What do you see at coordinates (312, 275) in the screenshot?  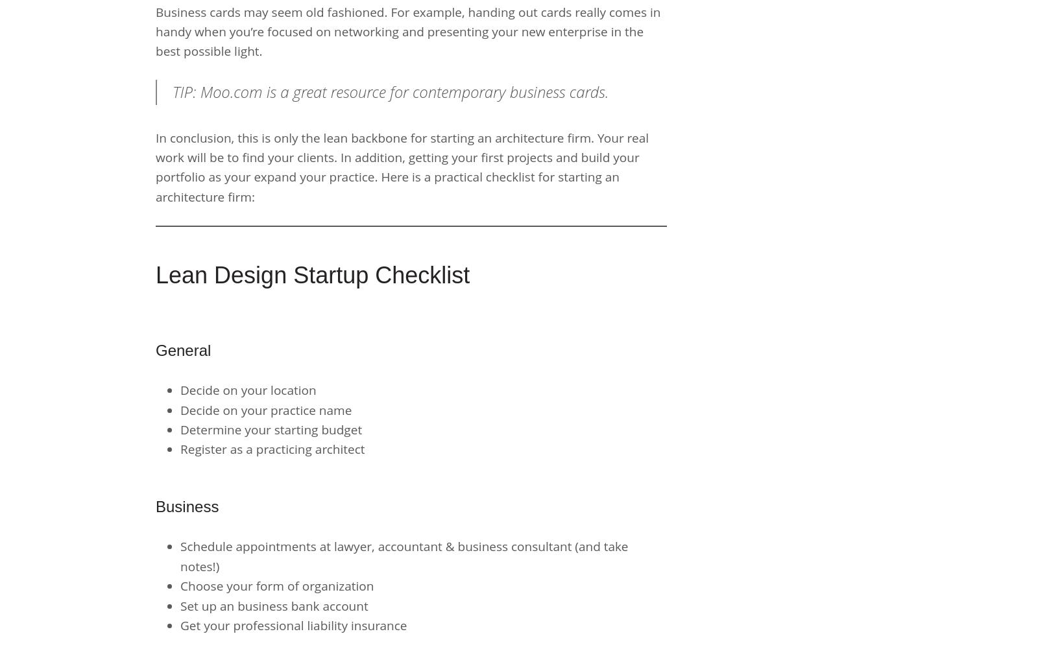 I see `'Lean Design Startup Checklist'` at bounding box center [312, 275].